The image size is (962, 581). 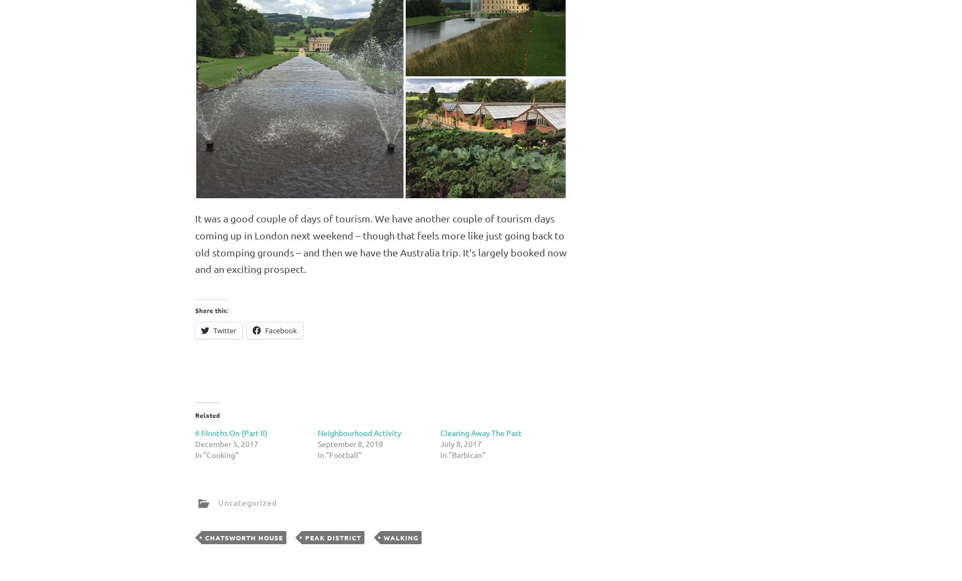 I want to click on 'Twitter', so click(x=212, y=330).